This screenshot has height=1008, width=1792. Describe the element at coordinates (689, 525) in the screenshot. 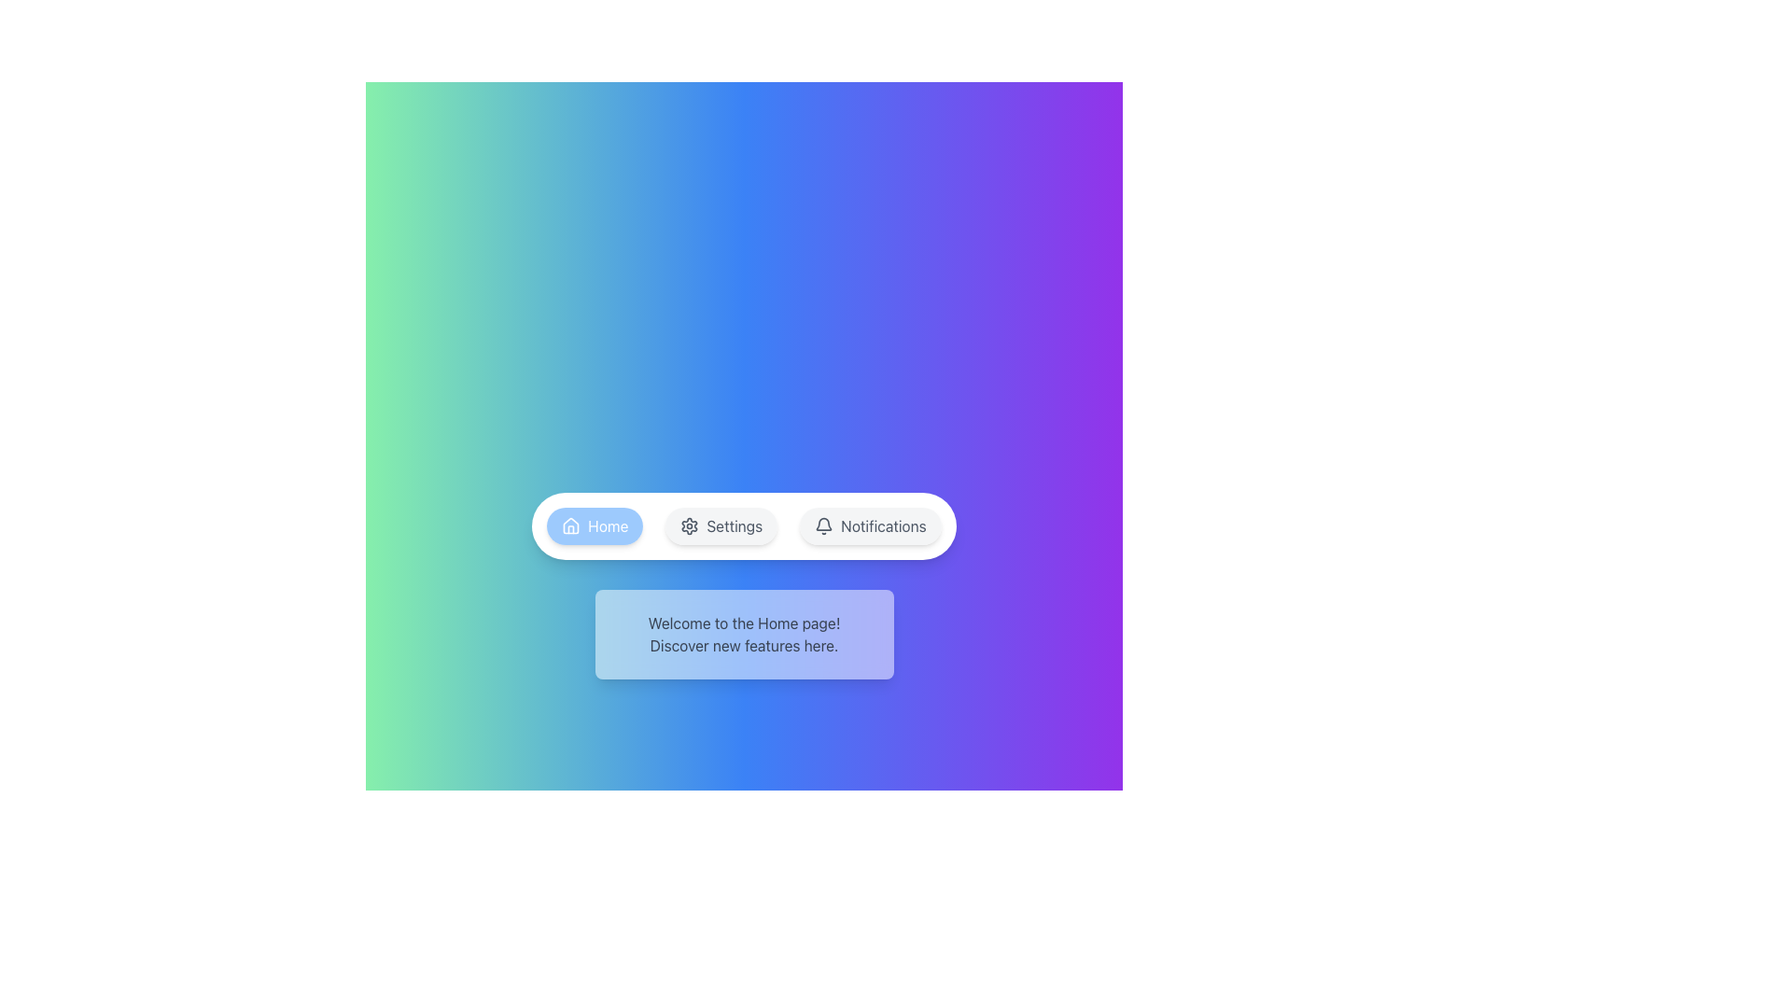

I see `the settings icon represented by the gear component located in the middle of the navigation bar` at that location.